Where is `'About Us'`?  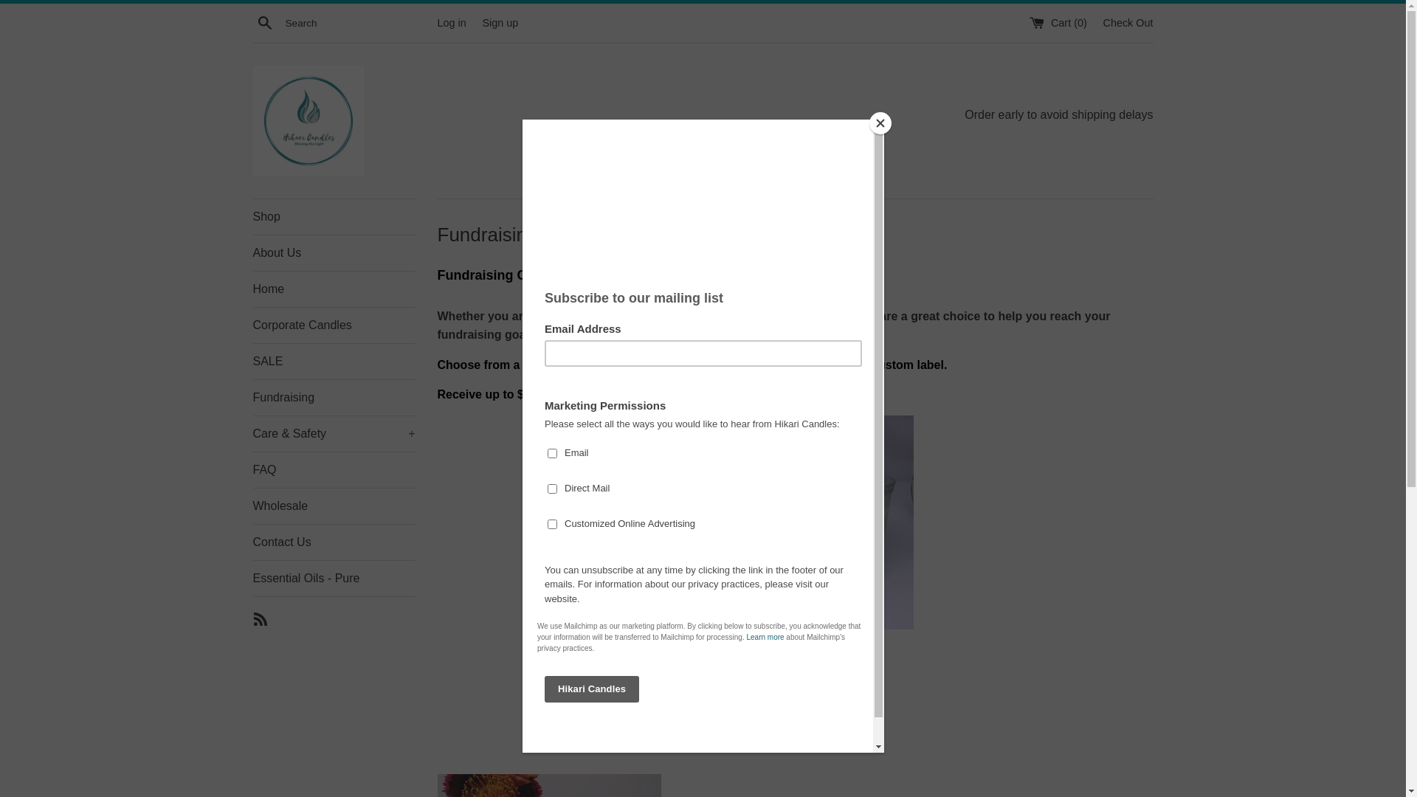
'About Us' is located at coordinates (332, 252).